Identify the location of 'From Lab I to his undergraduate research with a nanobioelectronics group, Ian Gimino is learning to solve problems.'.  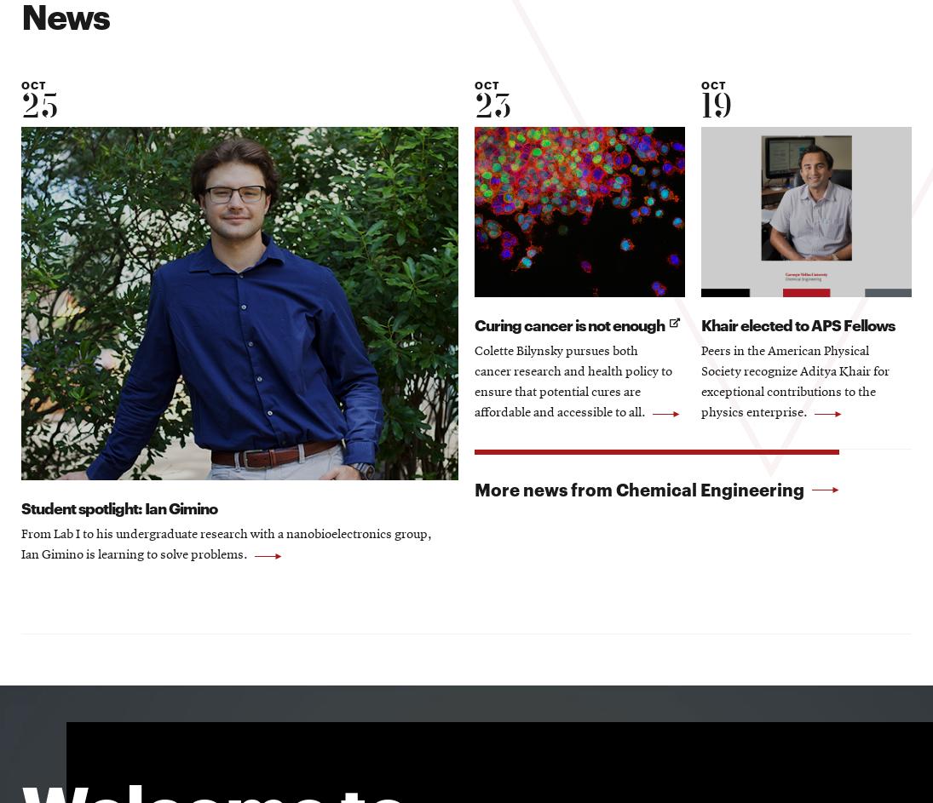
(226, 546).